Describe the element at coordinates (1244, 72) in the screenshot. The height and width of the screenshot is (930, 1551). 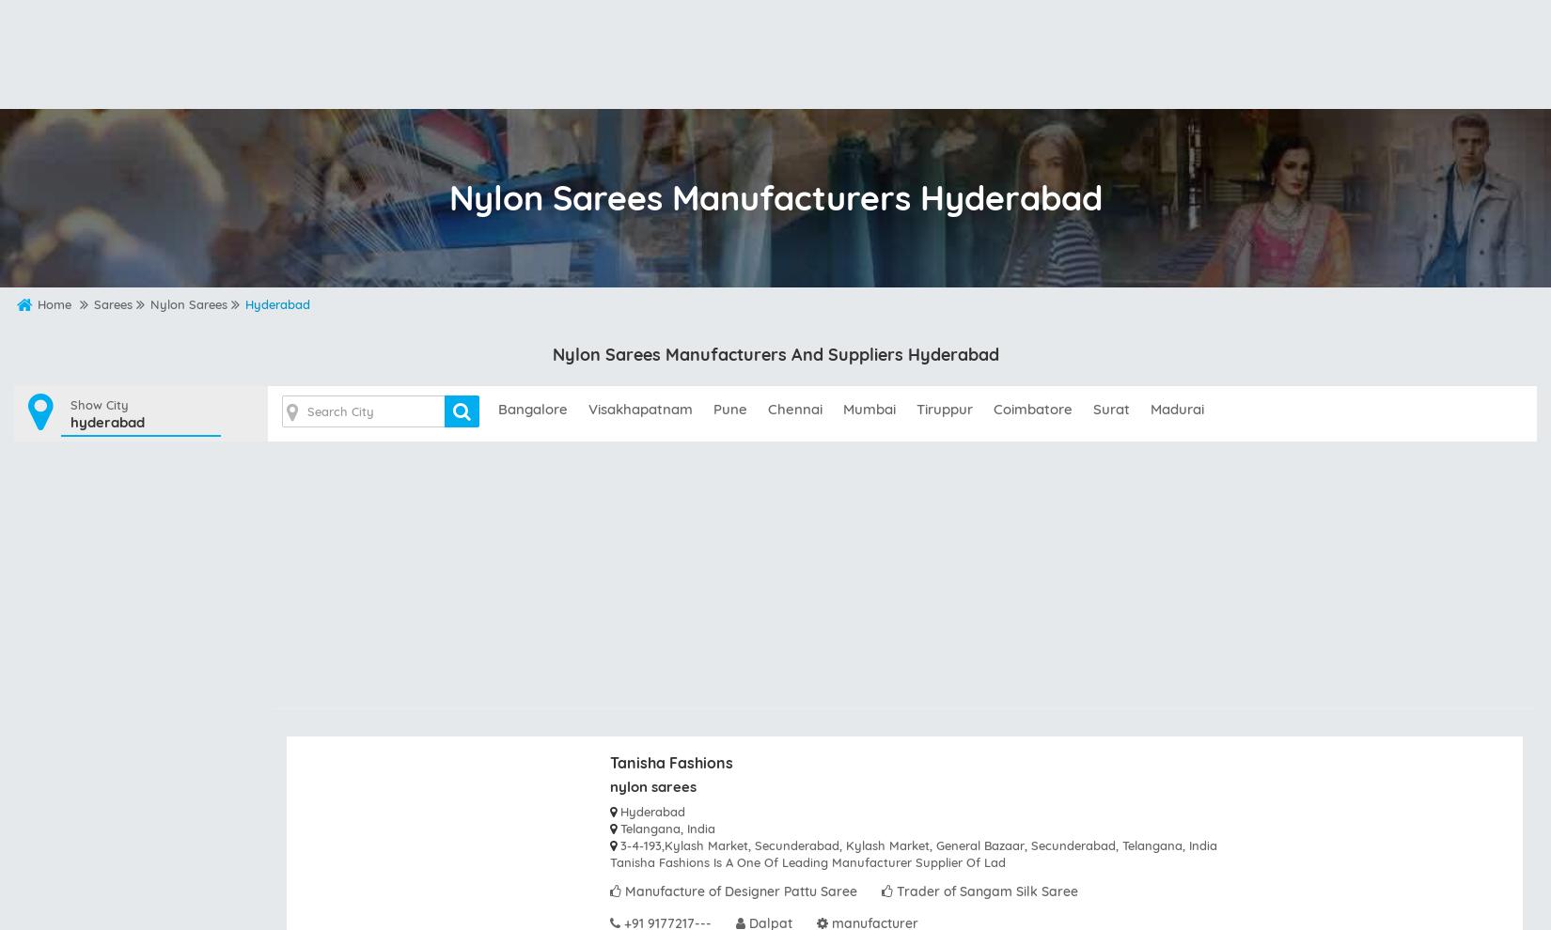
I see `'Offer'` at that location.